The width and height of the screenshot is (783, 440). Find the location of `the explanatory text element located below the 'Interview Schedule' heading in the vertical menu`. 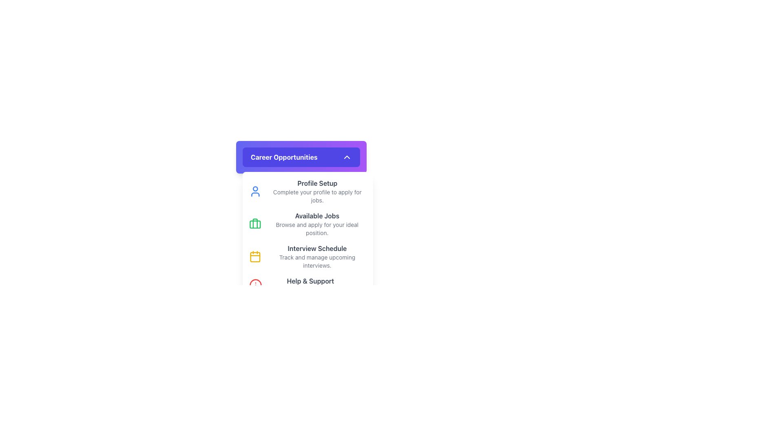

the explanatory text element located below the 'Interview Schedule' heading in the vertical menu is located at coordinates (316, 261).